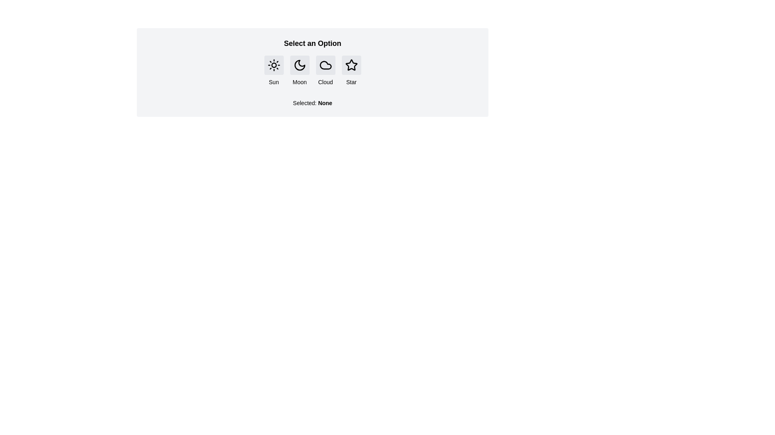 Image resolution: width=775 pixels, height=435 pixels. What do you see at coordinates (274, 82) in the screenshot?
I see `the text label displaying the word 'Sun', which is positioned directly beneath a sun icon among a series of weather condition icons` at bounding box center [274, 82].